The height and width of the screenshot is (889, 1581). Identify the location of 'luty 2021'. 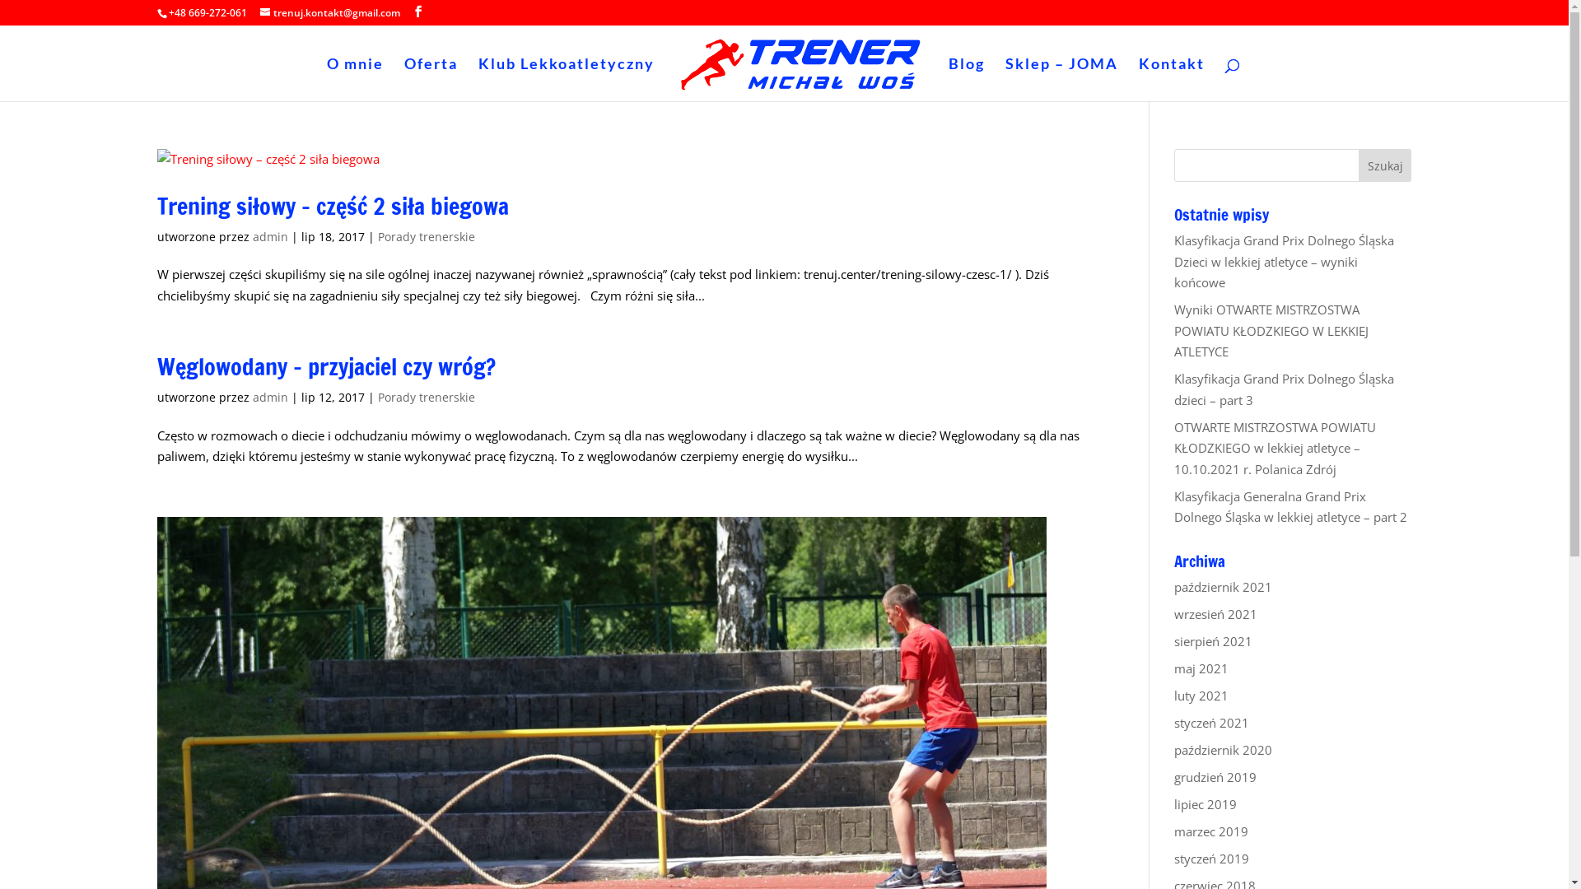
(1201, 695).